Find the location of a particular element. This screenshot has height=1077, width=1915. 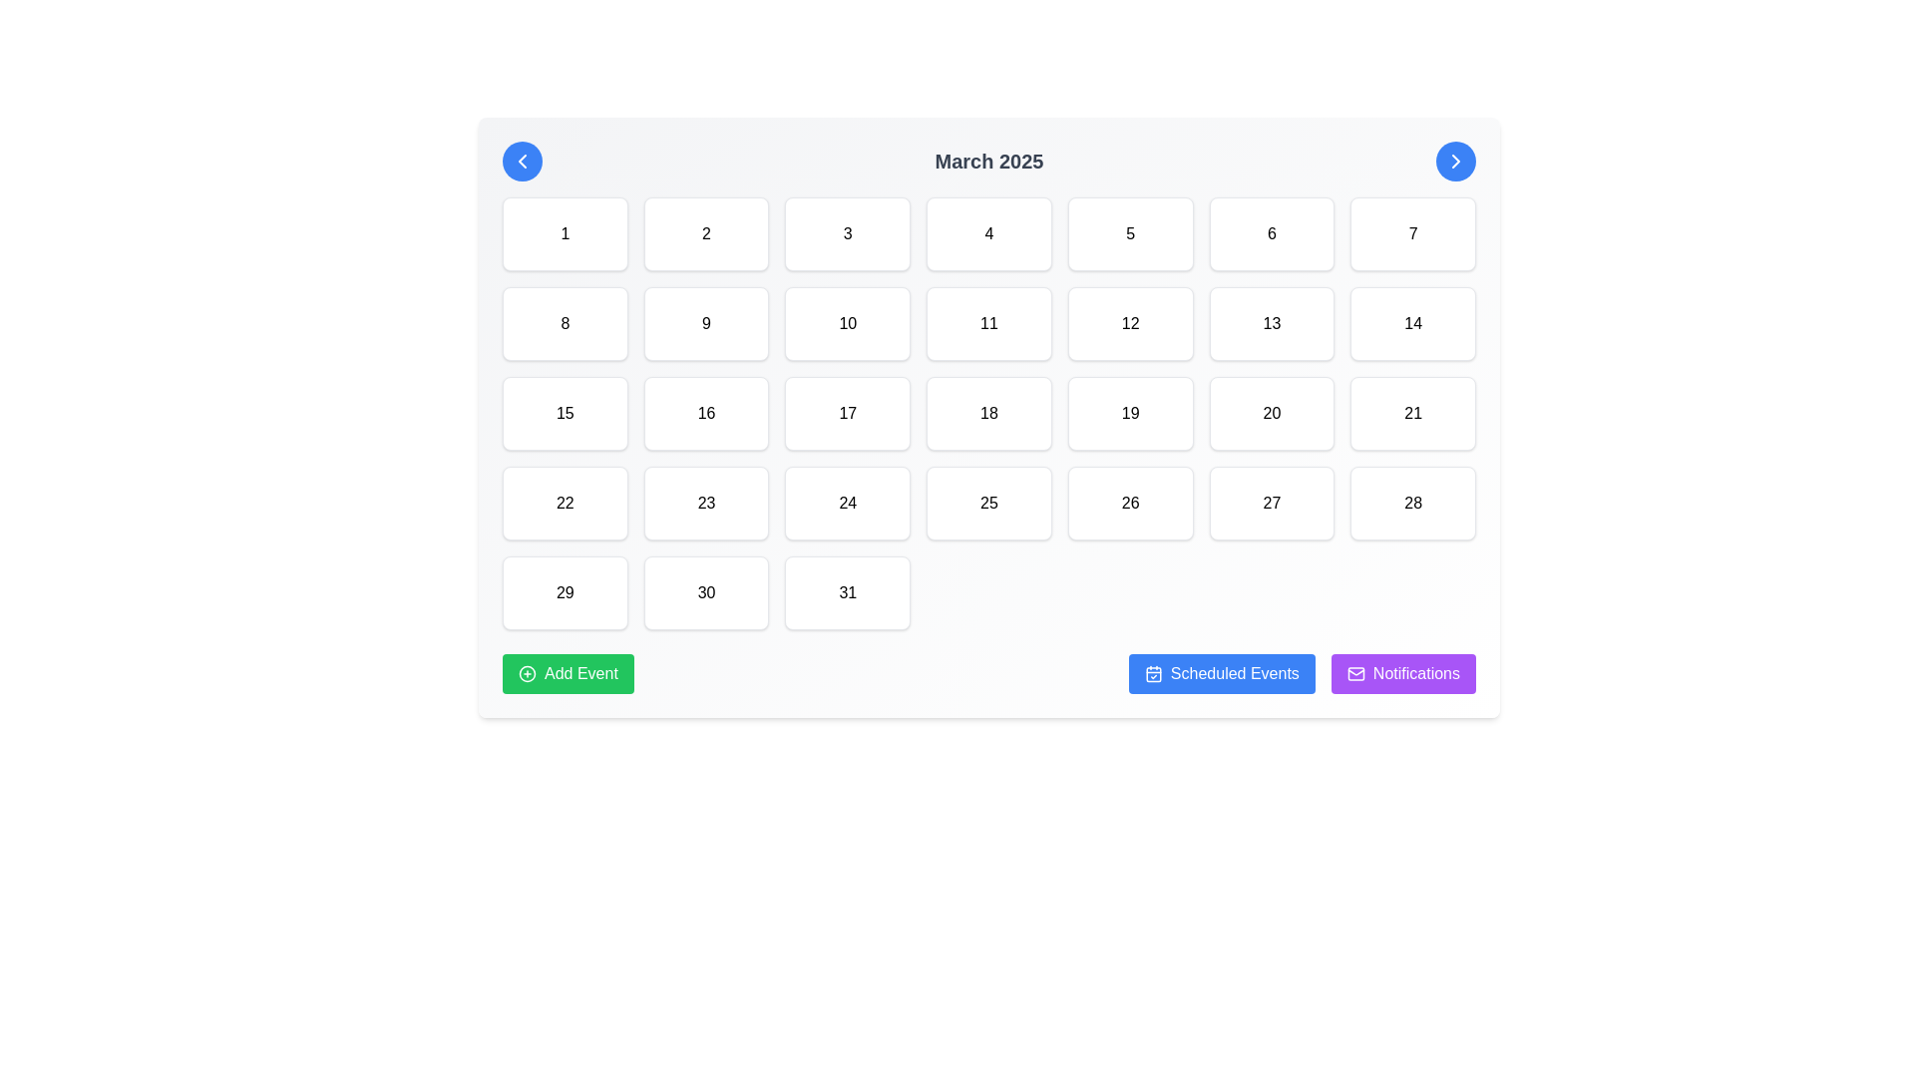

the Calendar Day Box displaying the number '18' is located at coordinates (989, 413).